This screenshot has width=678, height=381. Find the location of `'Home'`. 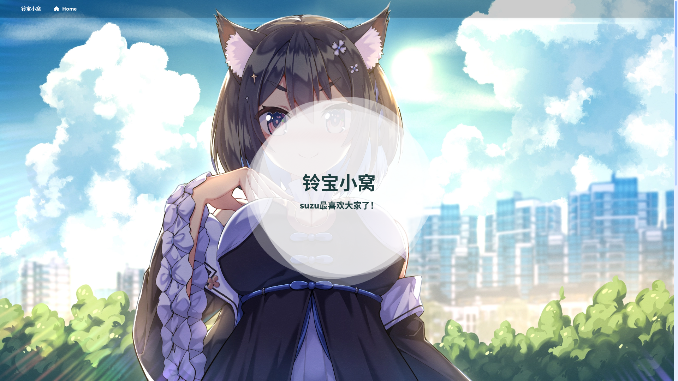

'Home' is located at coordinates (65, 8).